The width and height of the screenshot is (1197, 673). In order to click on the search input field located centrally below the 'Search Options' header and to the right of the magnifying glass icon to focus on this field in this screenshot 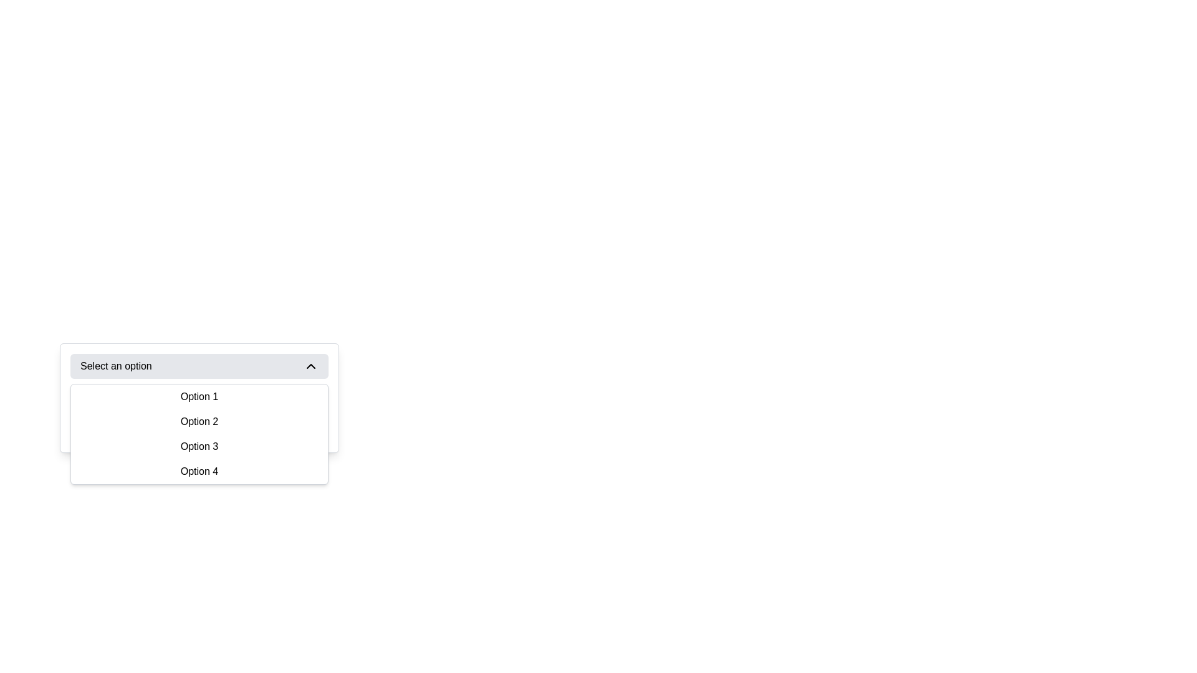, I will do `click(199, 429)`.